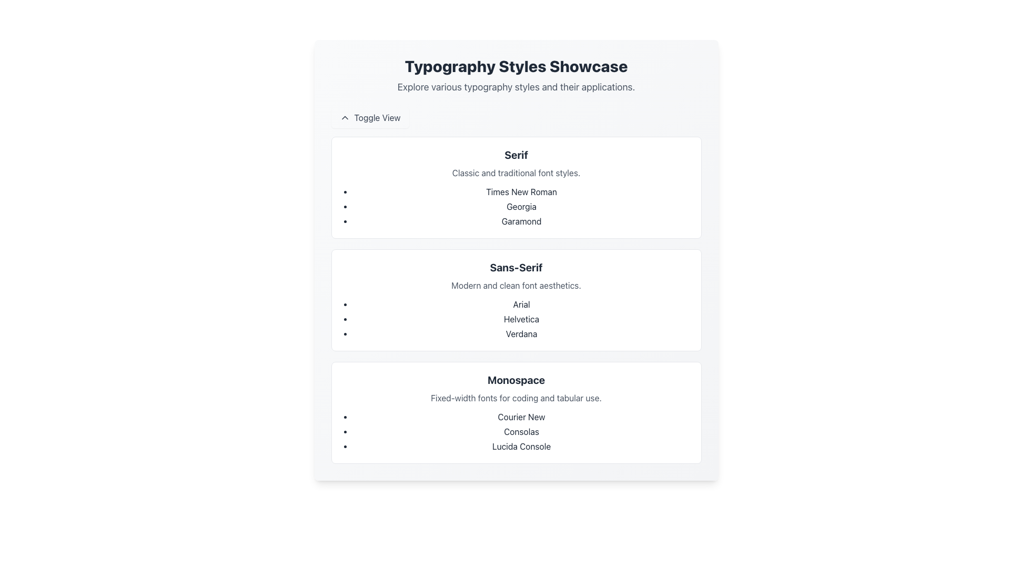 The height and width of the screenshot is (568, 1010). What do you see at coordinates (516, 286) in the screenshot?
I see `the static text block providing additional insight into the 'Sans-Serif' typography style, which is positioned below the 'Sans-Serif' heading` at bounding box center [516, 286].